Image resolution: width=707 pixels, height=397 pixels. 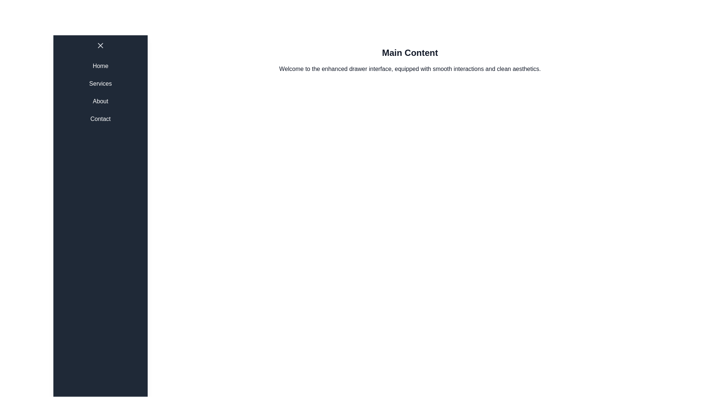 I want to click on the close button represented by an 'x' shape at the top of the sidebar menu, so click(x=100, y=45).